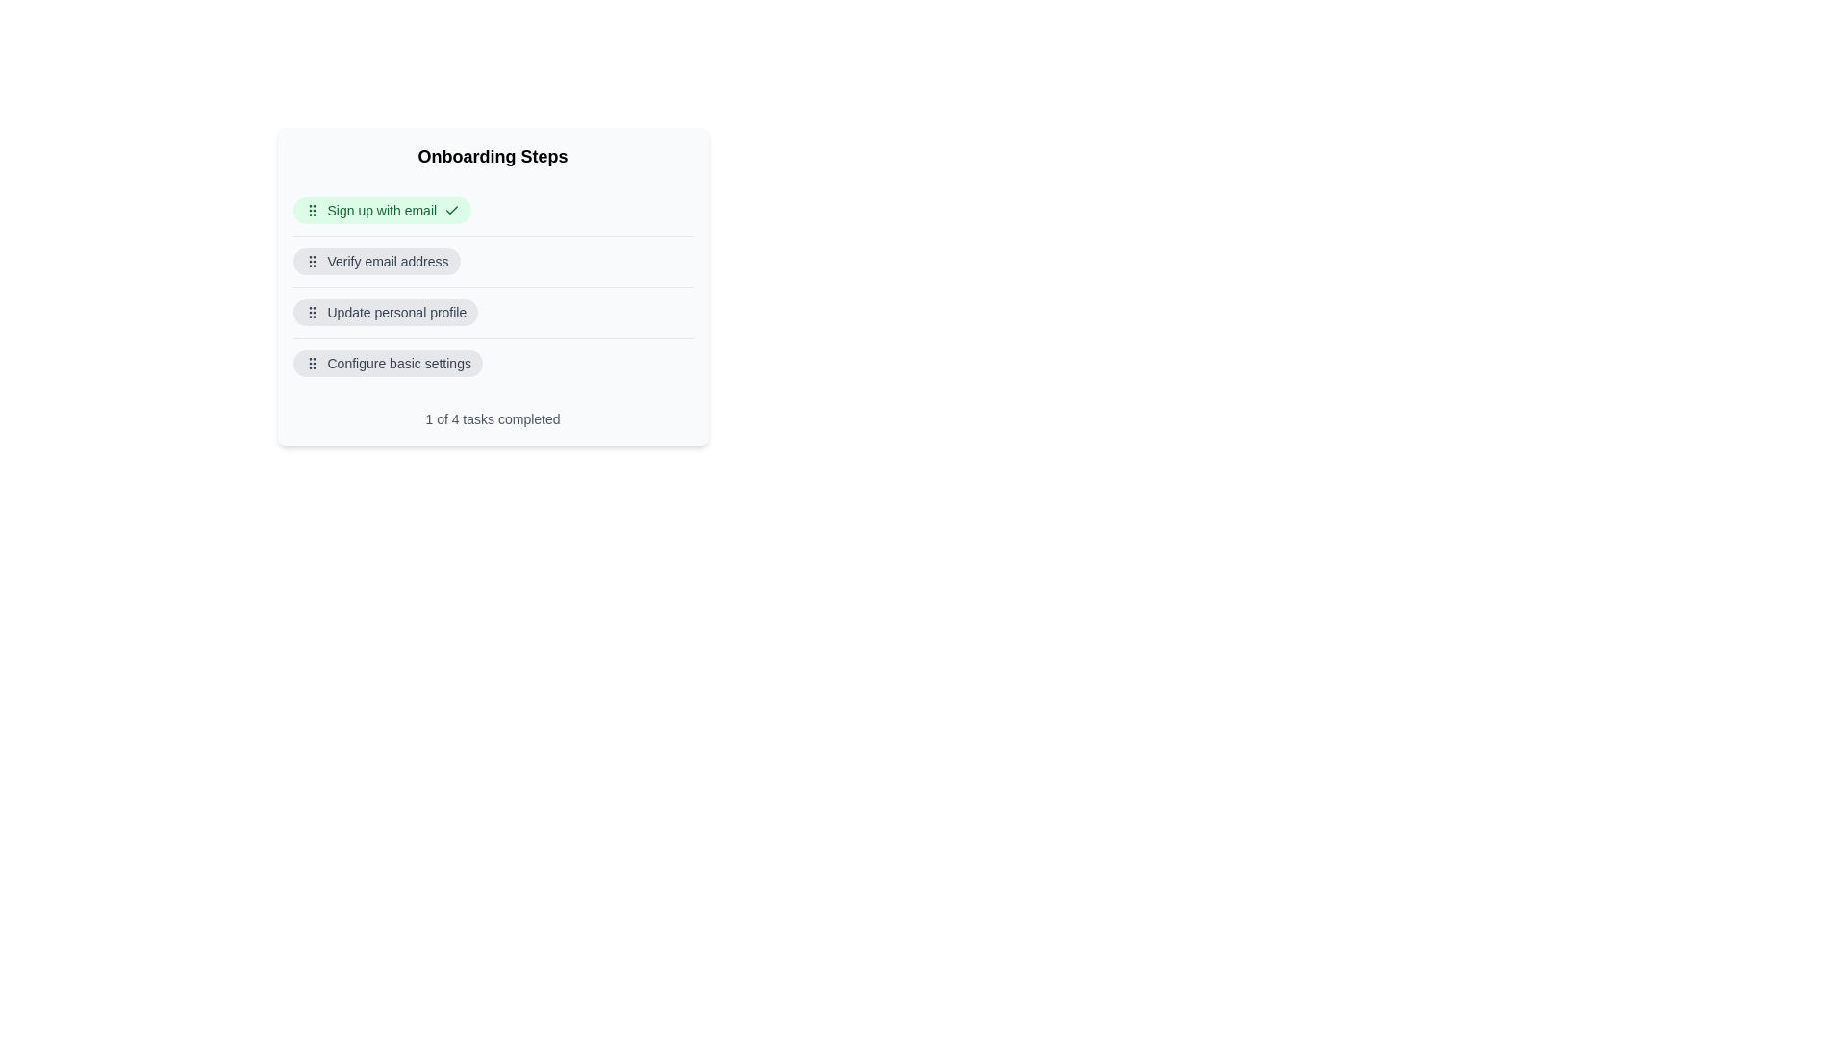 The width and height of the screenshot is (1847, 1039). What do you see at coordinates (376, 262) in the screenshot?
I see `the 'Verify email address' button element using the grip icon on its left for reordering in the onboarding steps list` at bounding box center [376, 262].